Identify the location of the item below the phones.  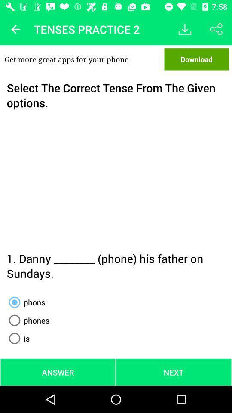
(18, 338).